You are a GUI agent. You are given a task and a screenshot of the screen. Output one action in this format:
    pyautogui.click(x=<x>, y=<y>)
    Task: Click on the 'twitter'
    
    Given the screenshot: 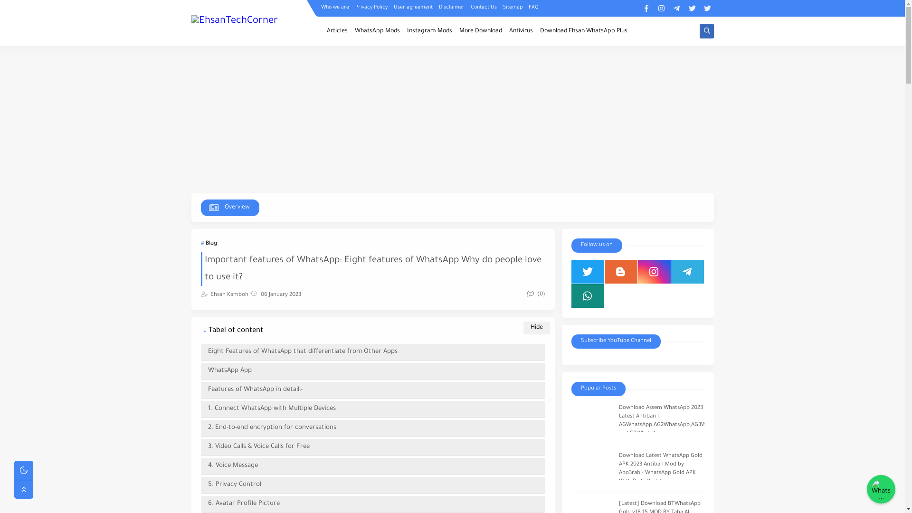 What is the action you would take?
    pyautogui.click(x=701, y=8)
    